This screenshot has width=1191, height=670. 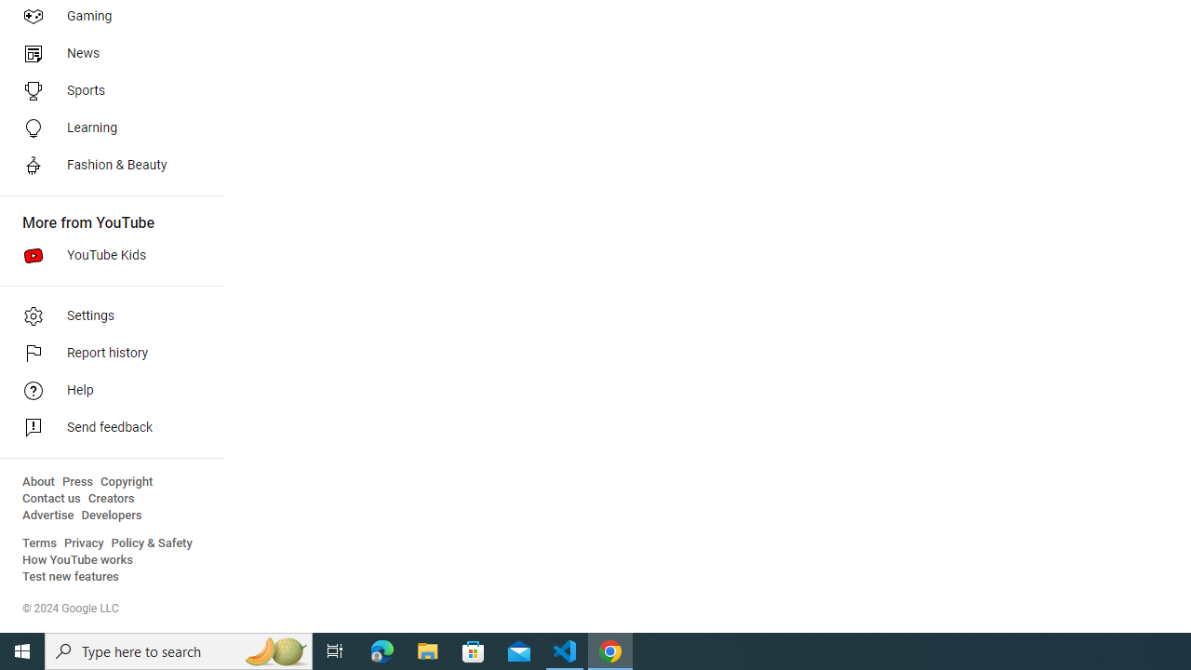 I want to click on 'Learning', so click(x=104, y=127).